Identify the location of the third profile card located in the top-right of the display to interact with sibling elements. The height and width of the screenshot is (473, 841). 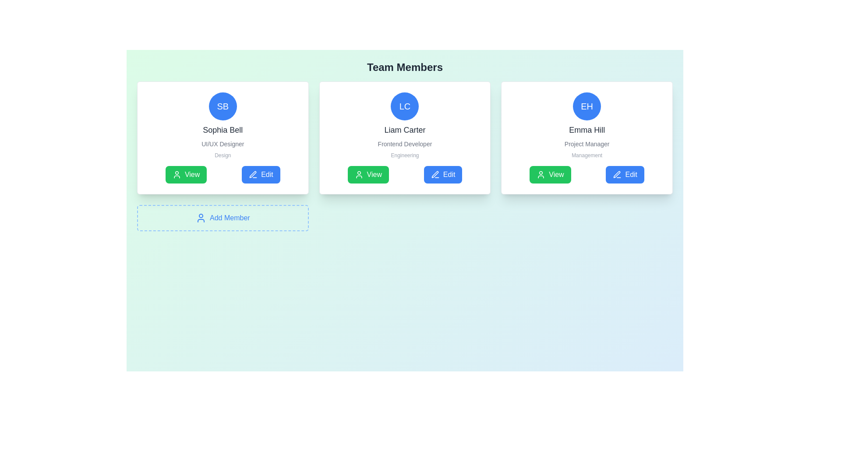
(587, 125).